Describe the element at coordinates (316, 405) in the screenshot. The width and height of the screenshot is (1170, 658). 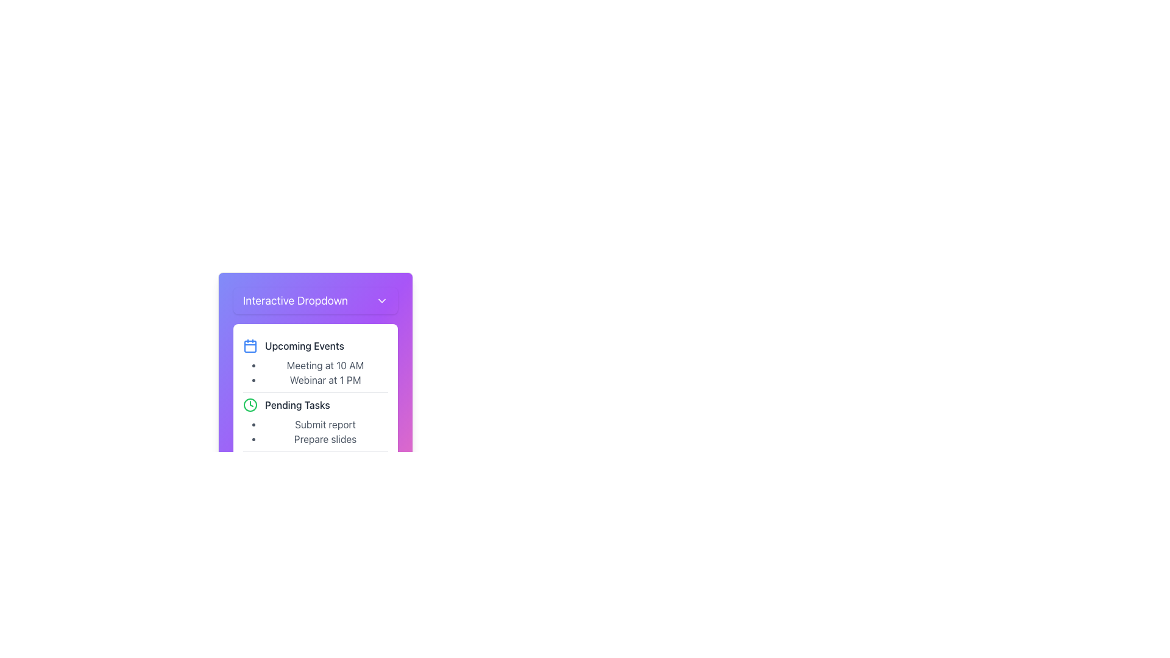
I see `text of the label with a green clock icon that says 'Pending Tasks', located below the 'Upcoming Events' section` at that location.